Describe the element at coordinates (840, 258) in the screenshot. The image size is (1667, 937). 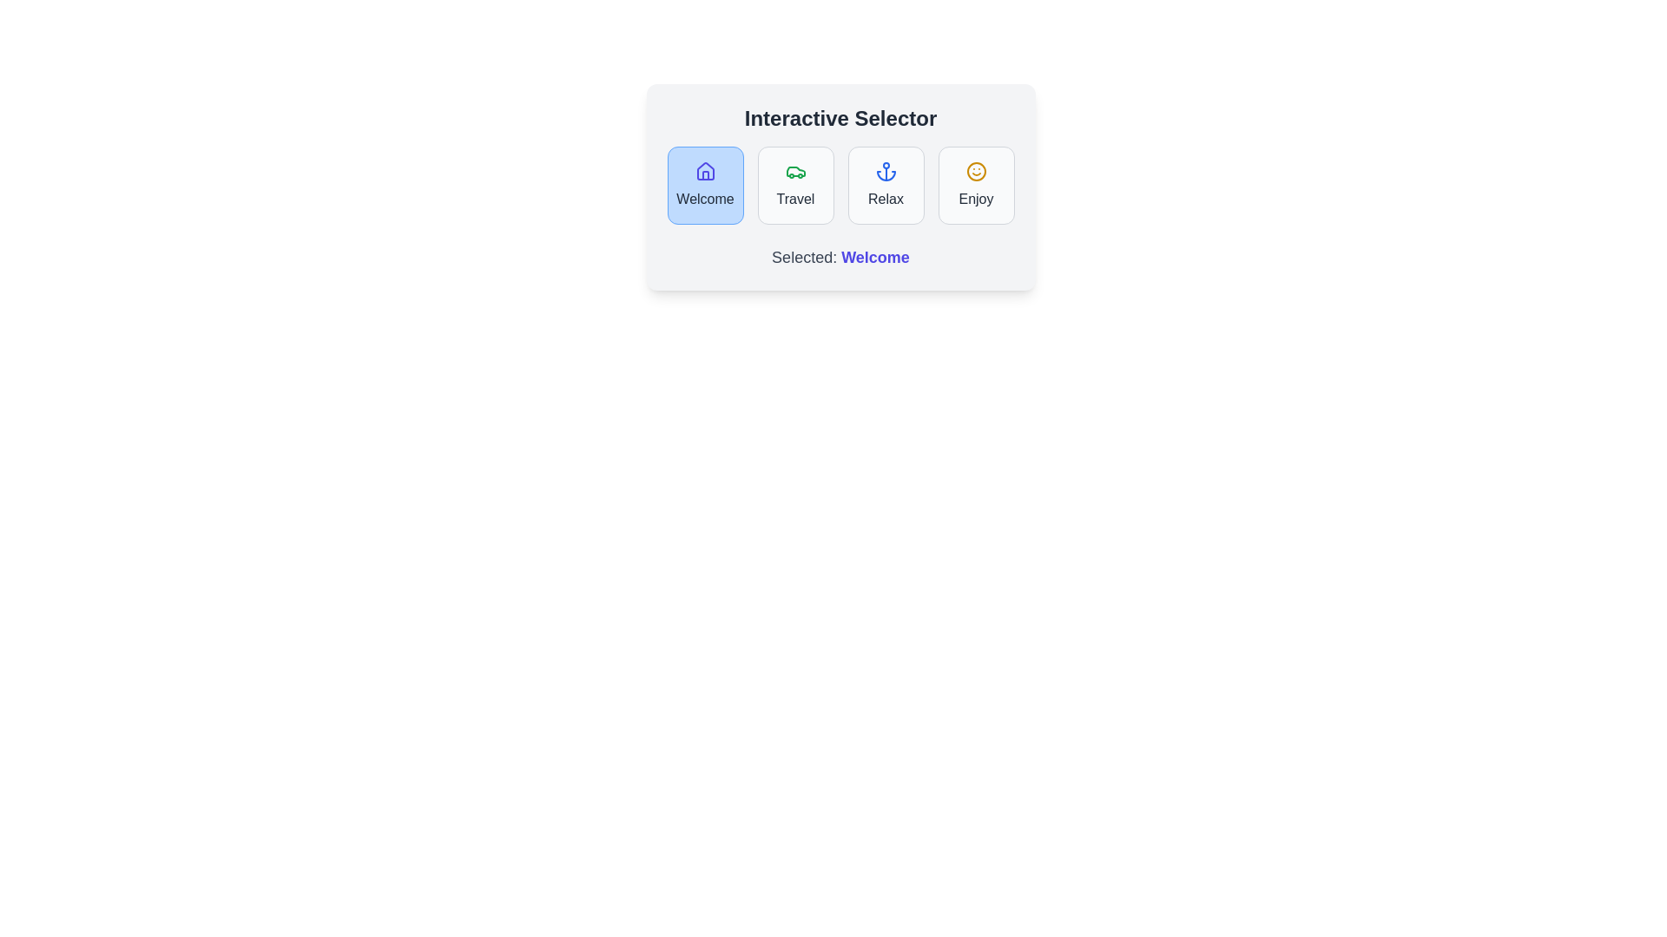
I see `the text display area that shows the message 'Selected: Welcome', where 'Welcome' is styled in blue, underlined, and bold` at that location.